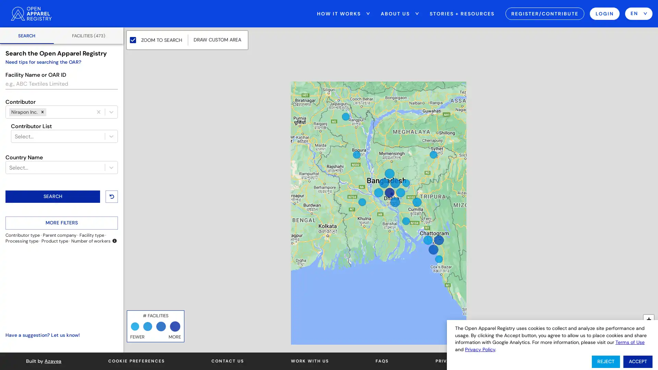 The width and height of the screenshot is (658, 370). Describe the element at coordinates (637, 361) in the screenshot. I see `ACCEPT` at that location.